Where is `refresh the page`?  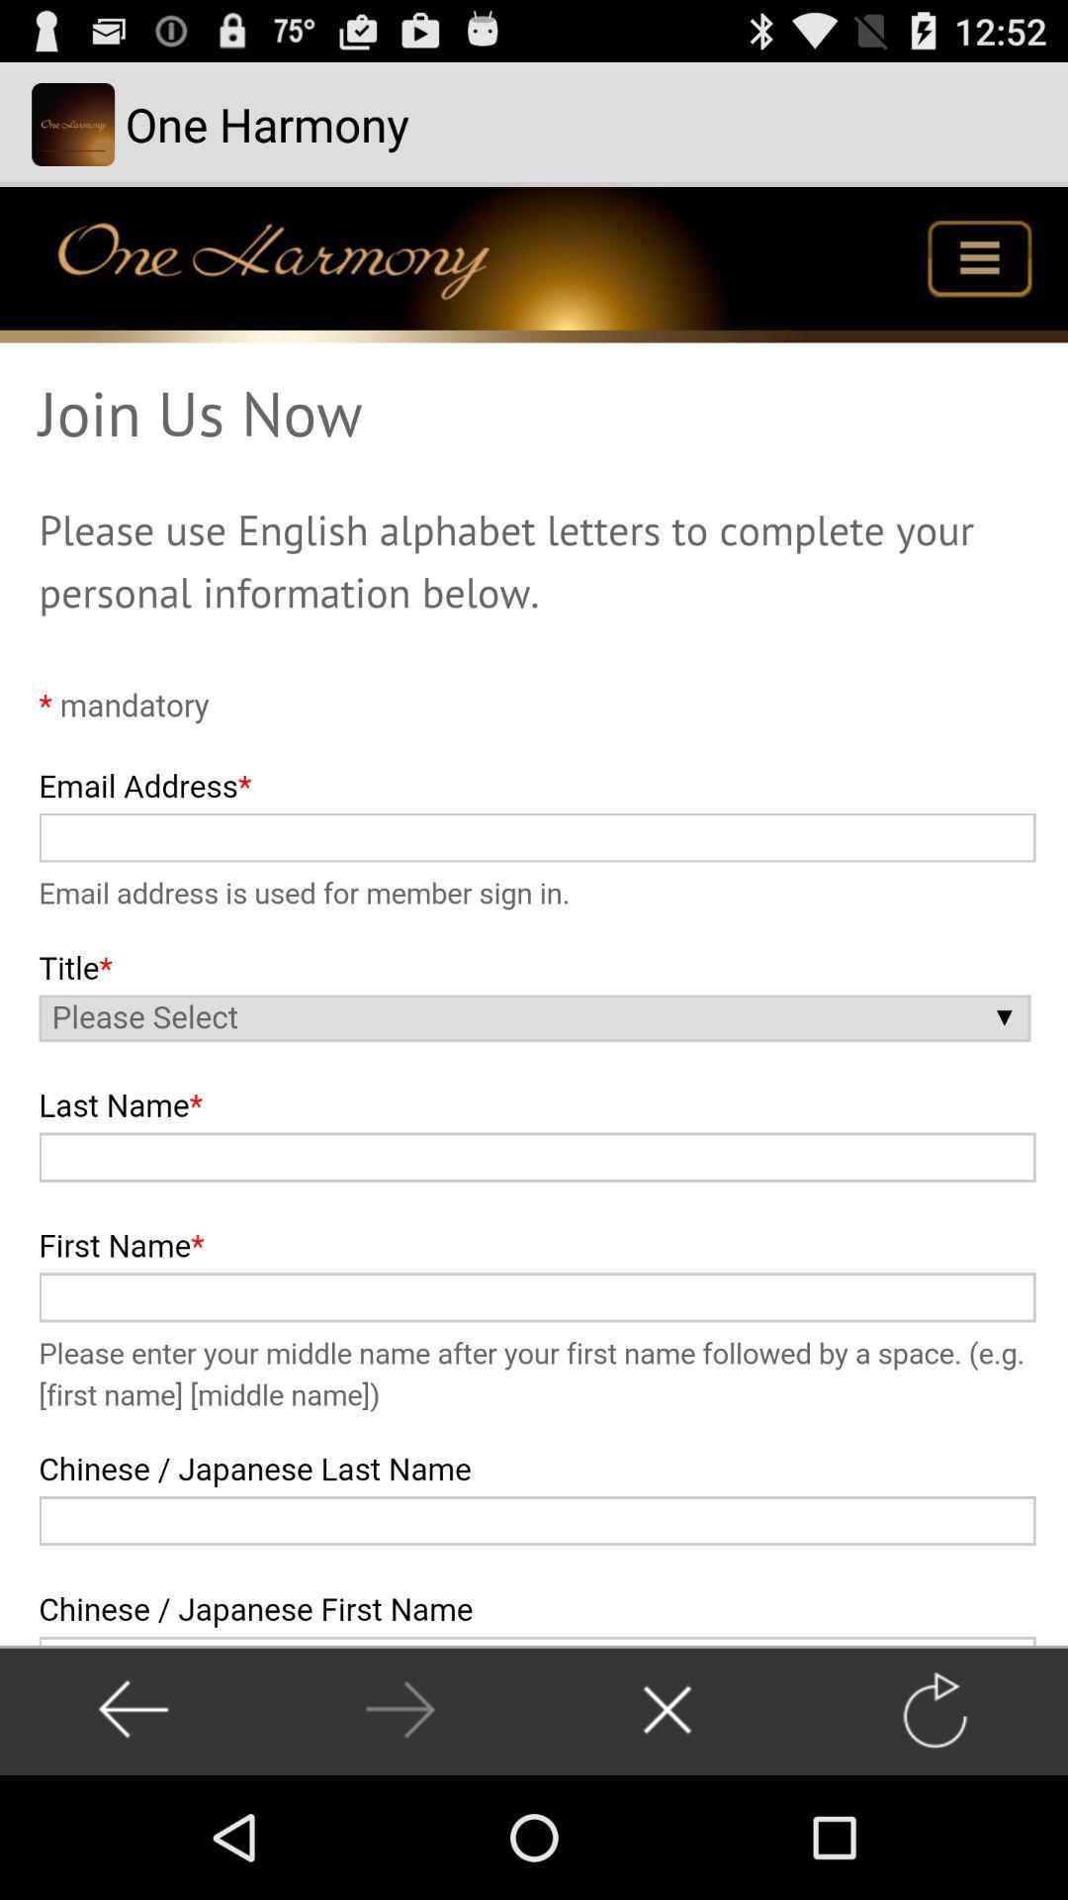 refresh the page is located at coordinates (934, 1709).